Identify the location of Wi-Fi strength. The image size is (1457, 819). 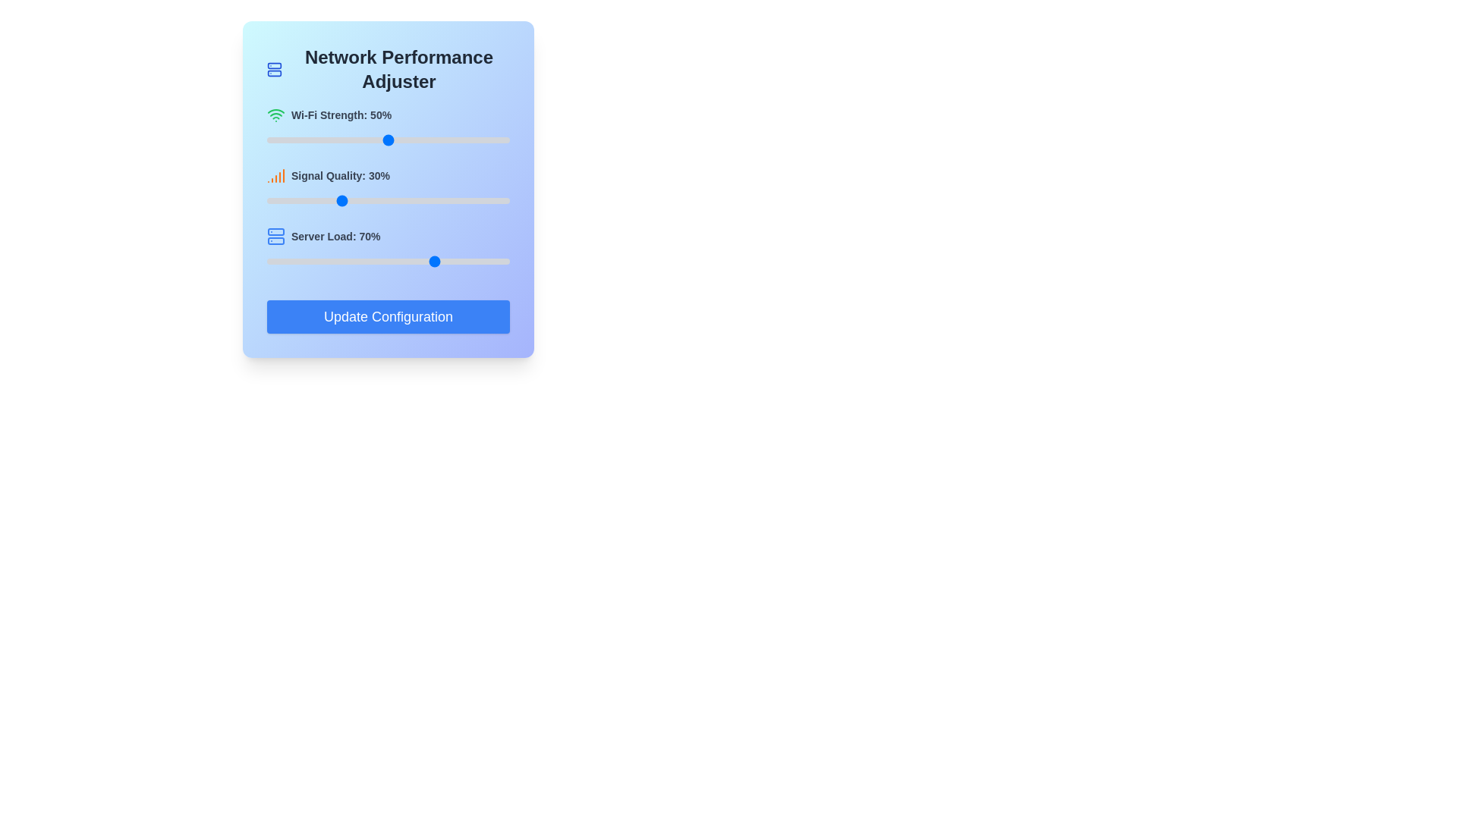
(367, 140).